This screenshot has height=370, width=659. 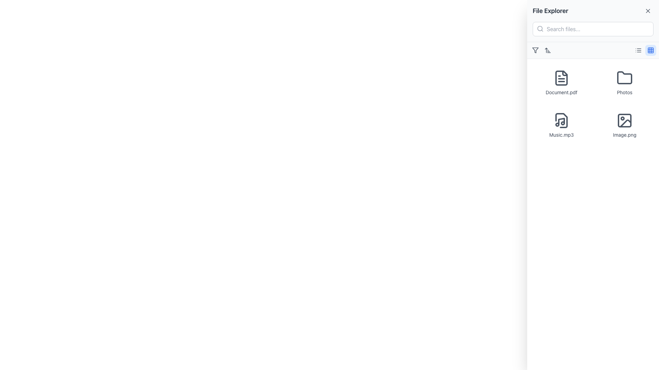 What do you see at coordinates (535, 50) in the screenshot?
I see `the triangular-shaped filter icon located in the top-right corner of the interface, which is part of a toolbar containing action icons` at bounding box center [535, 50].